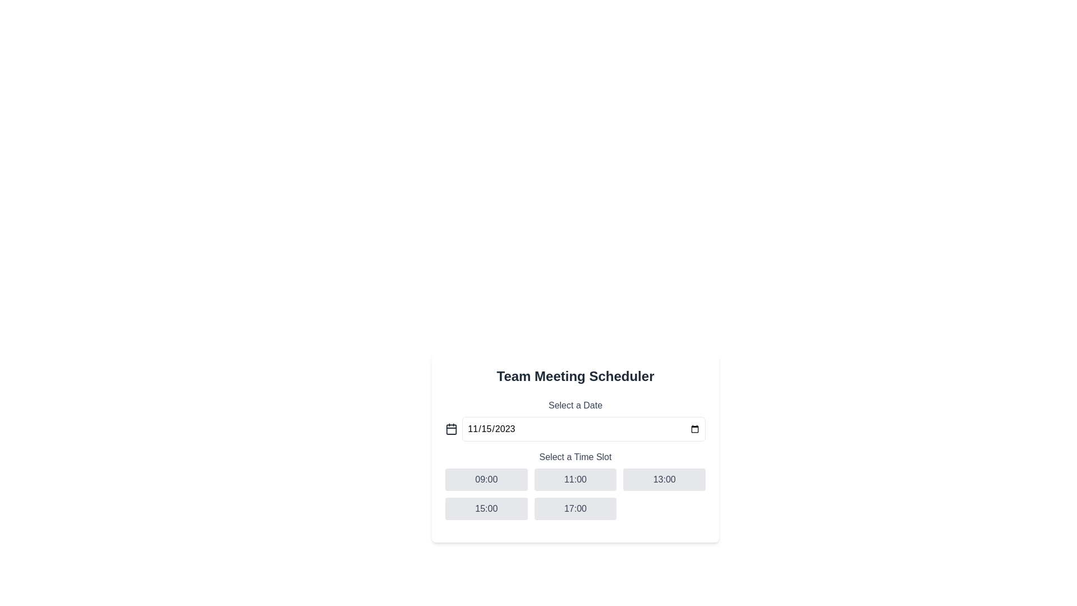 This screenshot has width=1077, height=606. What do you see at coordinates (486, 508) in the screenshot?
I see `the rectangular button labeled '15:00' in the 'Select a Time Slot' section` at bounding box center [486, 508].